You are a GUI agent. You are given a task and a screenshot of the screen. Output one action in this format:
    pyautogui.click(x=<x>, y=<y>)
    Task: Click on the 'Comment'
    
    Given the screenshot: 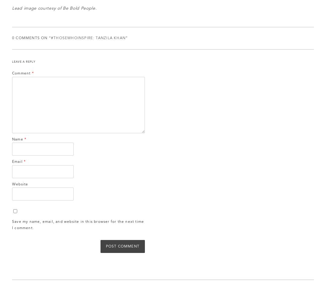 What is the action you would take?
    pyautogui.click(x=21, y=73)
    